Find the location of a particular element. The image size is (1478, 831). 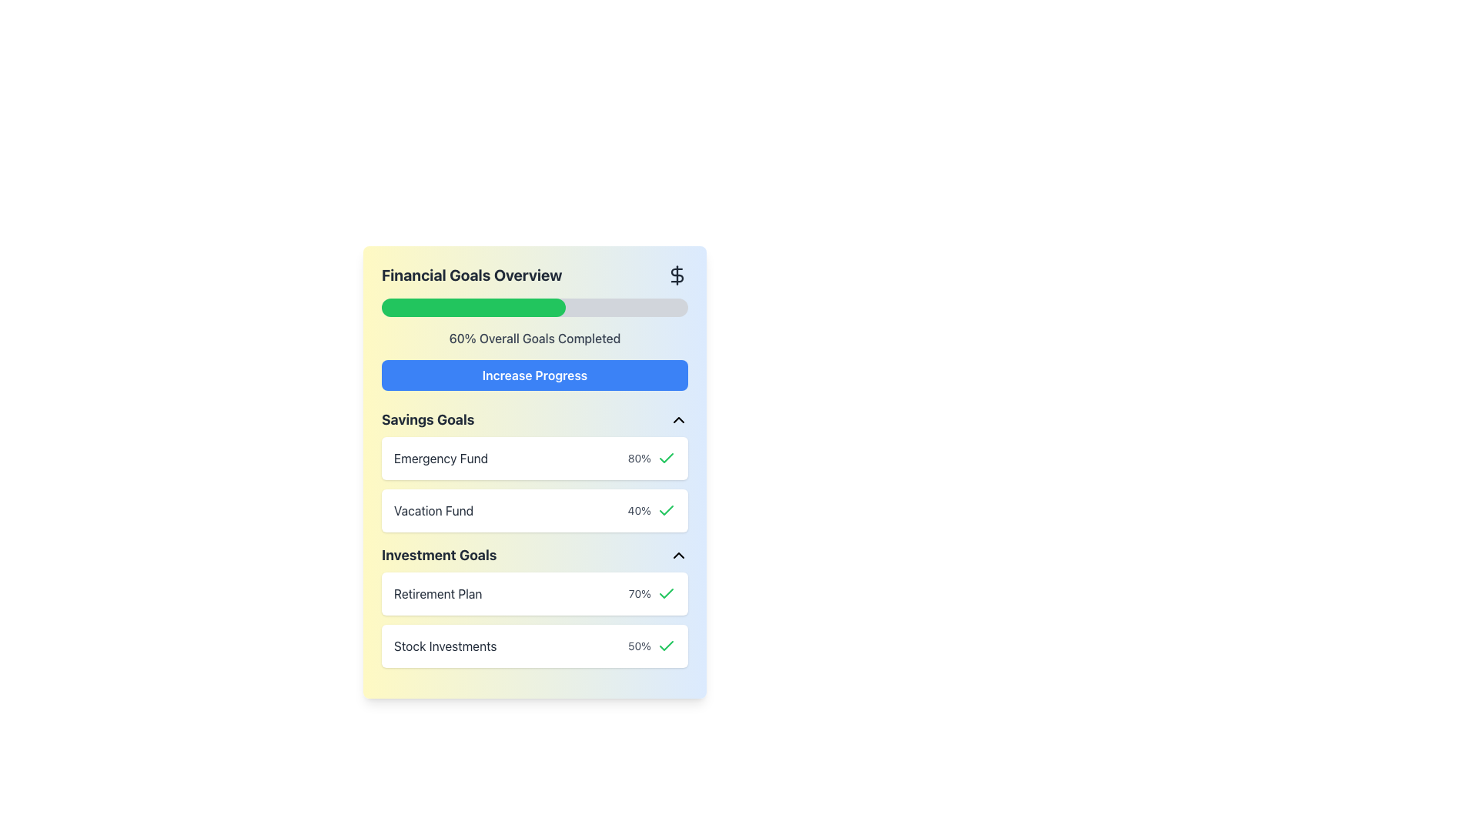

the static label displaying '70%' within the 'Investment Goals' section, which is styled with a gray font and located next to a green checkmark icon is located at coordinates (640, 592).